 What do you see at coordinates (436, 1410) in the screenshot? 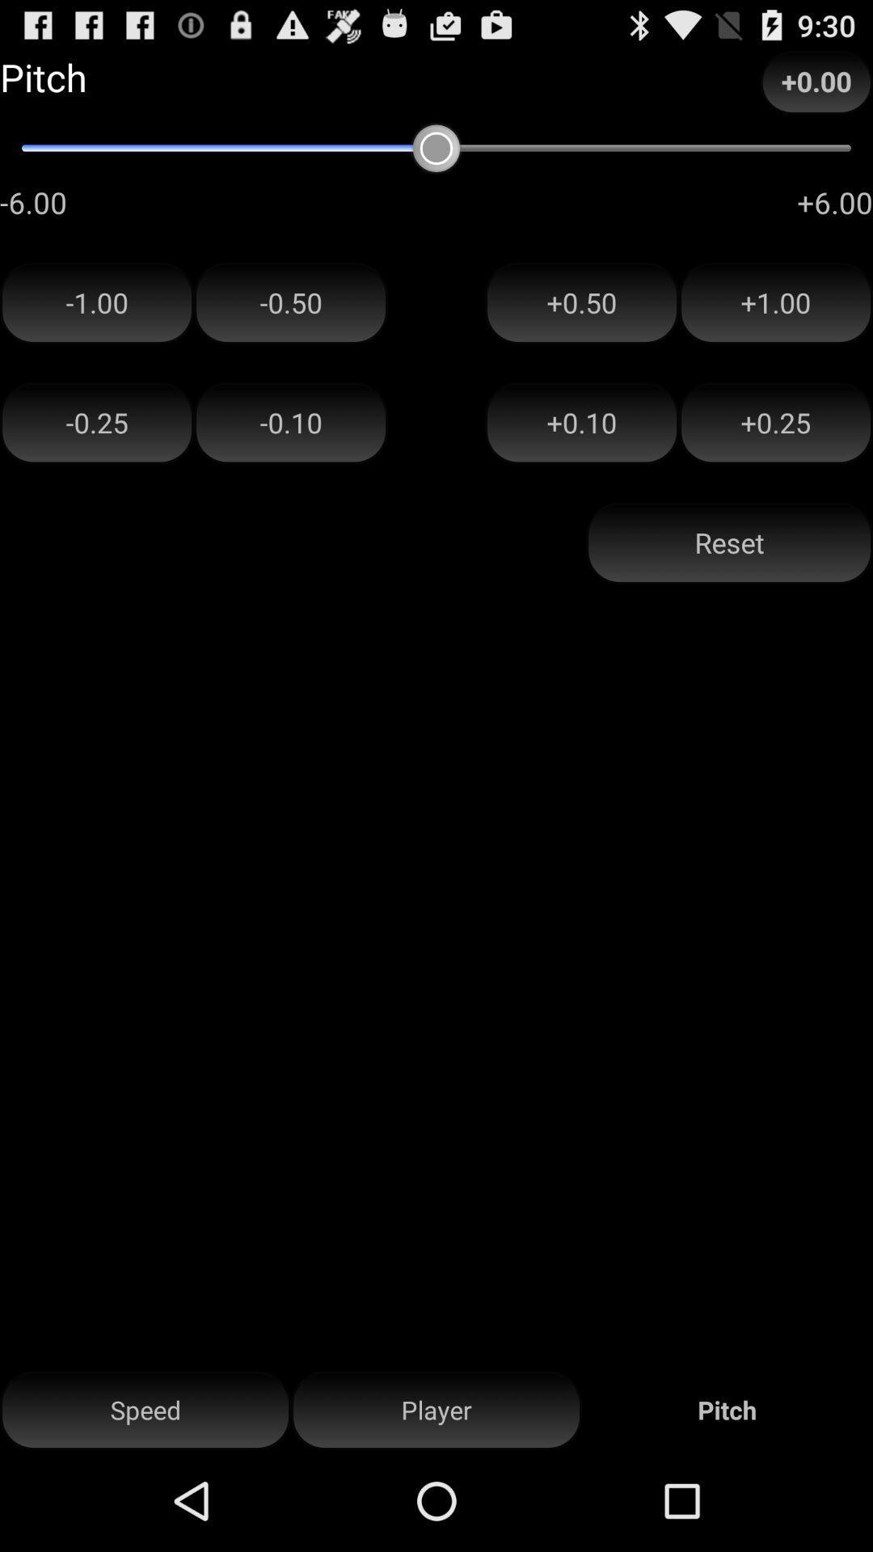
I see `item next to speed item` at bounding box center [436, 1410].